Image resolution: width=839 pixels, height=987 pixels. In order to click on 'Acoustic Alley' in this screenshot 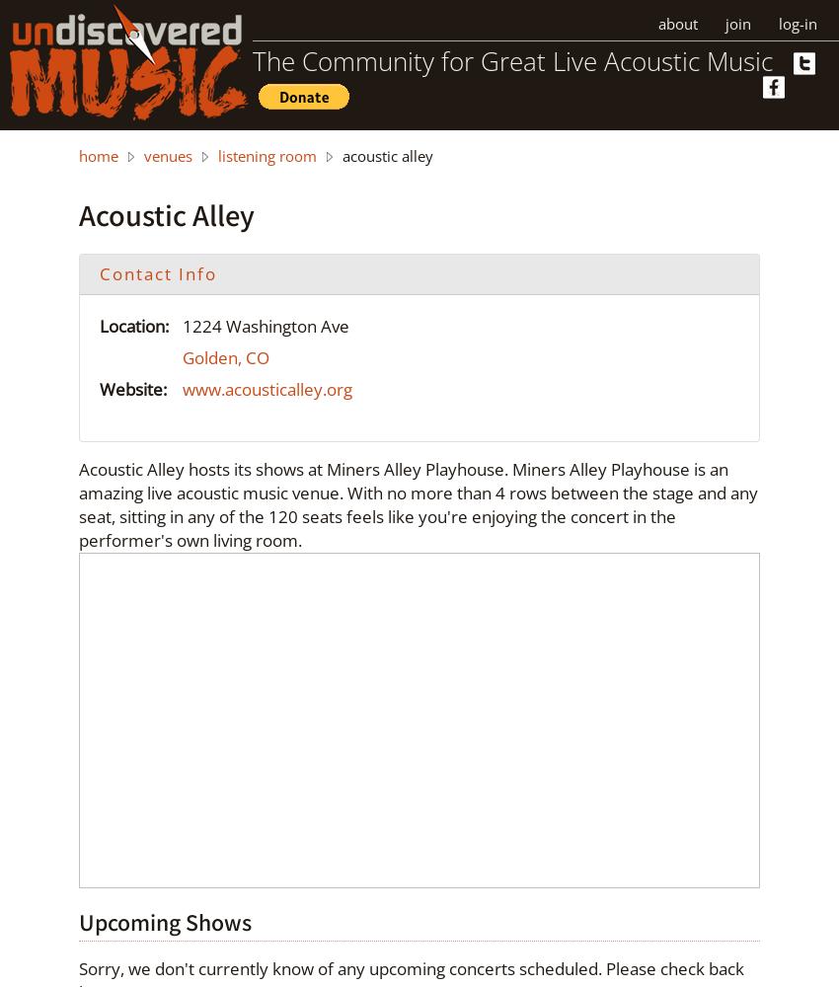, I will do `click(166, 213)`.